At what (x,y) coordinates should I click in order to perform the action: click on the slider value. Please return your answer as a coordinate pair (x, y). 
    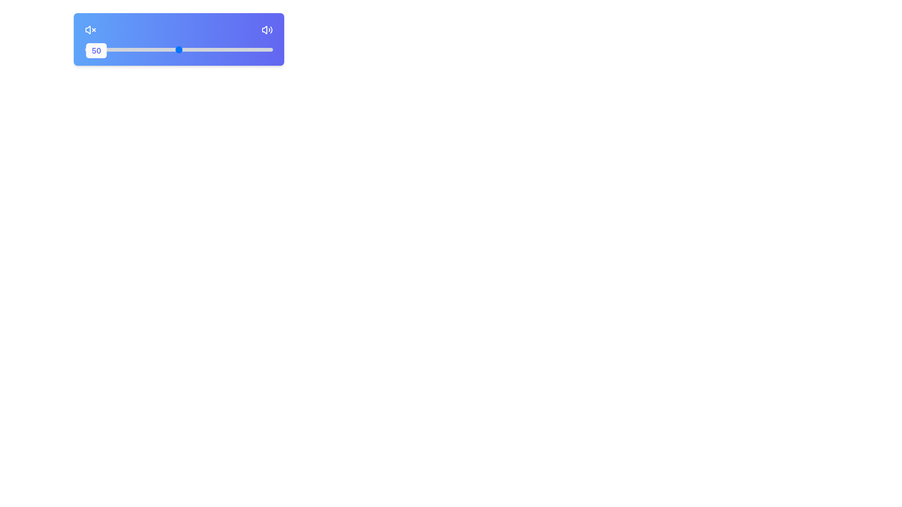
    Looking at the image, I should click on (133, 49).